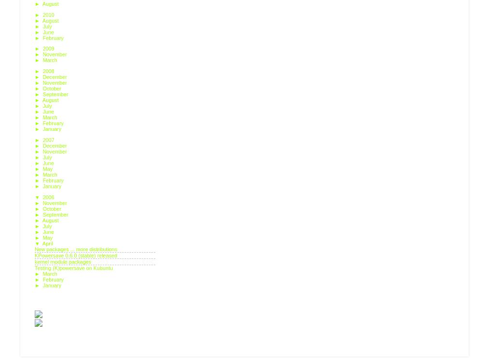  Describe the element at coordinates (49, 139) in the screenshot. I see `'2007'` at that location.